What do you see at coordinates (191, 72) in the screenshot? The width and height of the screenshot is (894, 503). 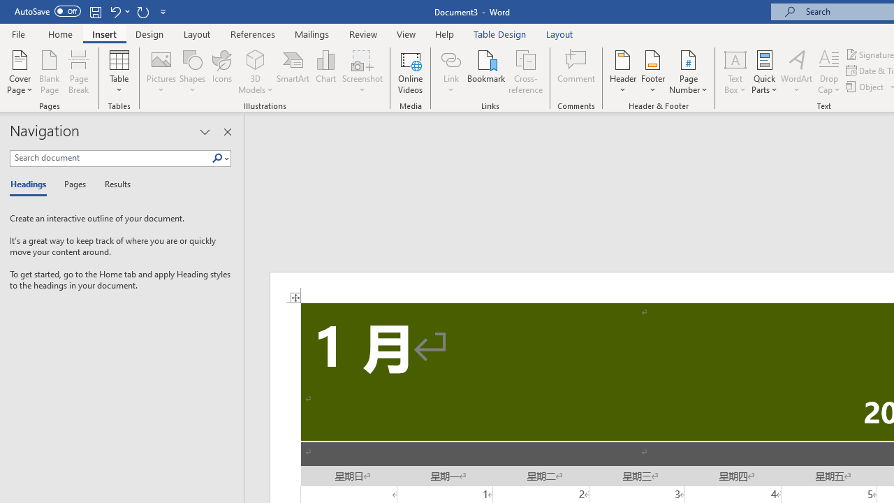 I see `'Shapes'` at bounding box center [191, 72].